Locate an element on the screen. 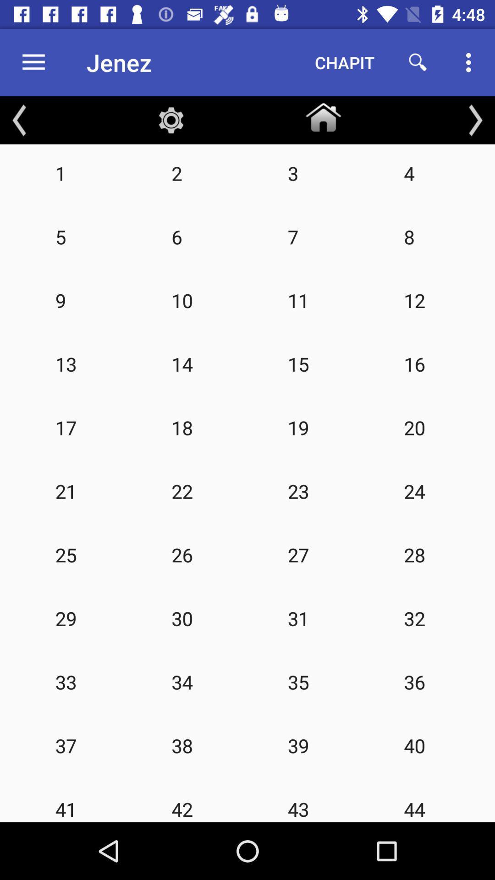 Image resolution: width=495 pixels, height=880 pixels. the option named as chapit is located at coordinates (345, 62).